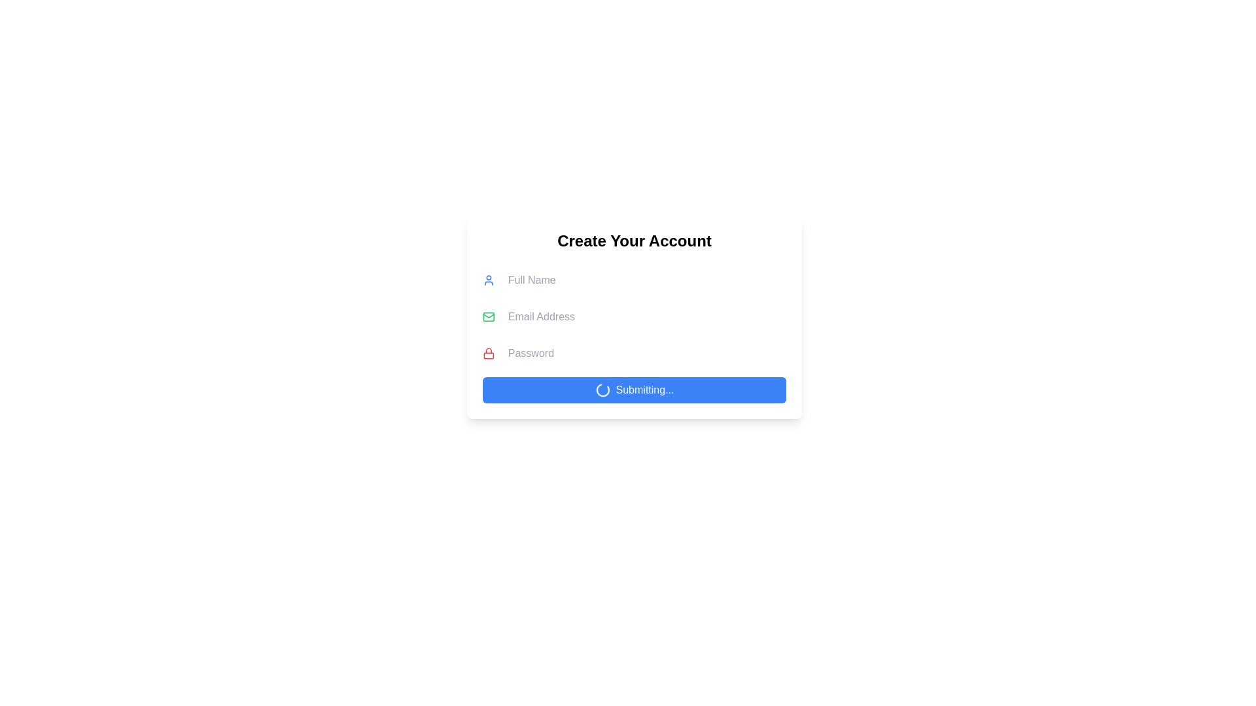 This screenshot has height=706, width=1256. I want to click on the lock icon by clicking on the bottom rectangle that visually represents the body of the lock, located to the left of the 'Password' text field in the user sign-up form, so click(488, 356).